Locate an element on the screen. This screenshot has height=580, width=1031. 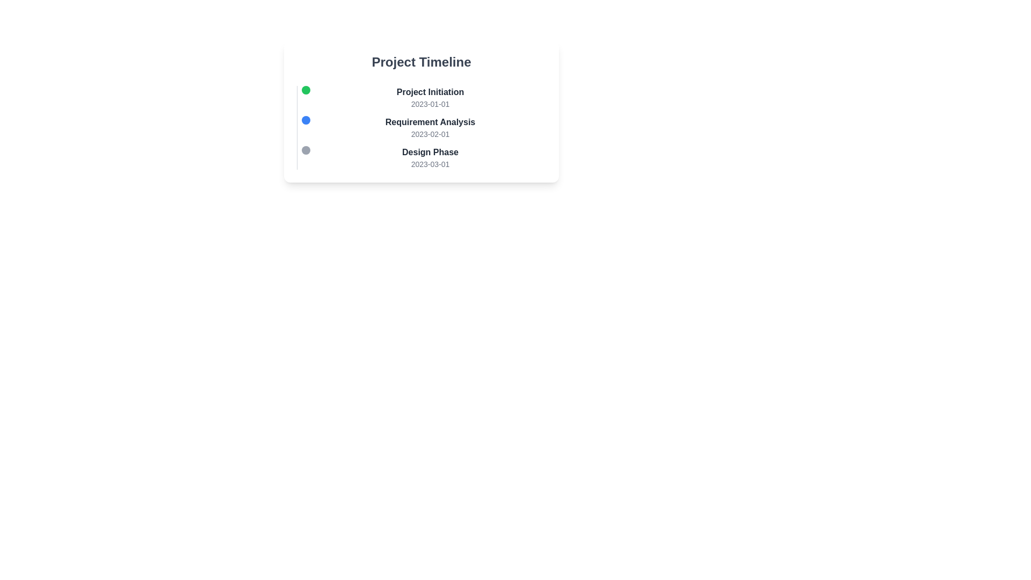
the Informative Panel titled 'Project Timeline' that contains a list of milestones with color-coded markers is located at coordinates (421, 126).